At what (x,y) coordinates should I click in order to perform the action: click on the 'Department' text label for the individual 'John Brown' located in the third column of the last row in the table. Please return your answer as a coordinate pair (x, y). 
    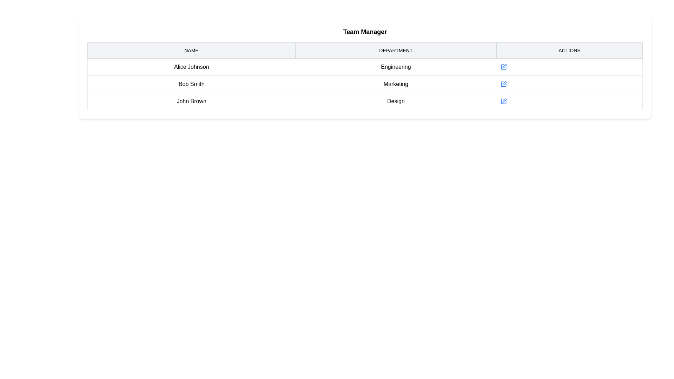
    Looking at the image, I should click on (396, 101).